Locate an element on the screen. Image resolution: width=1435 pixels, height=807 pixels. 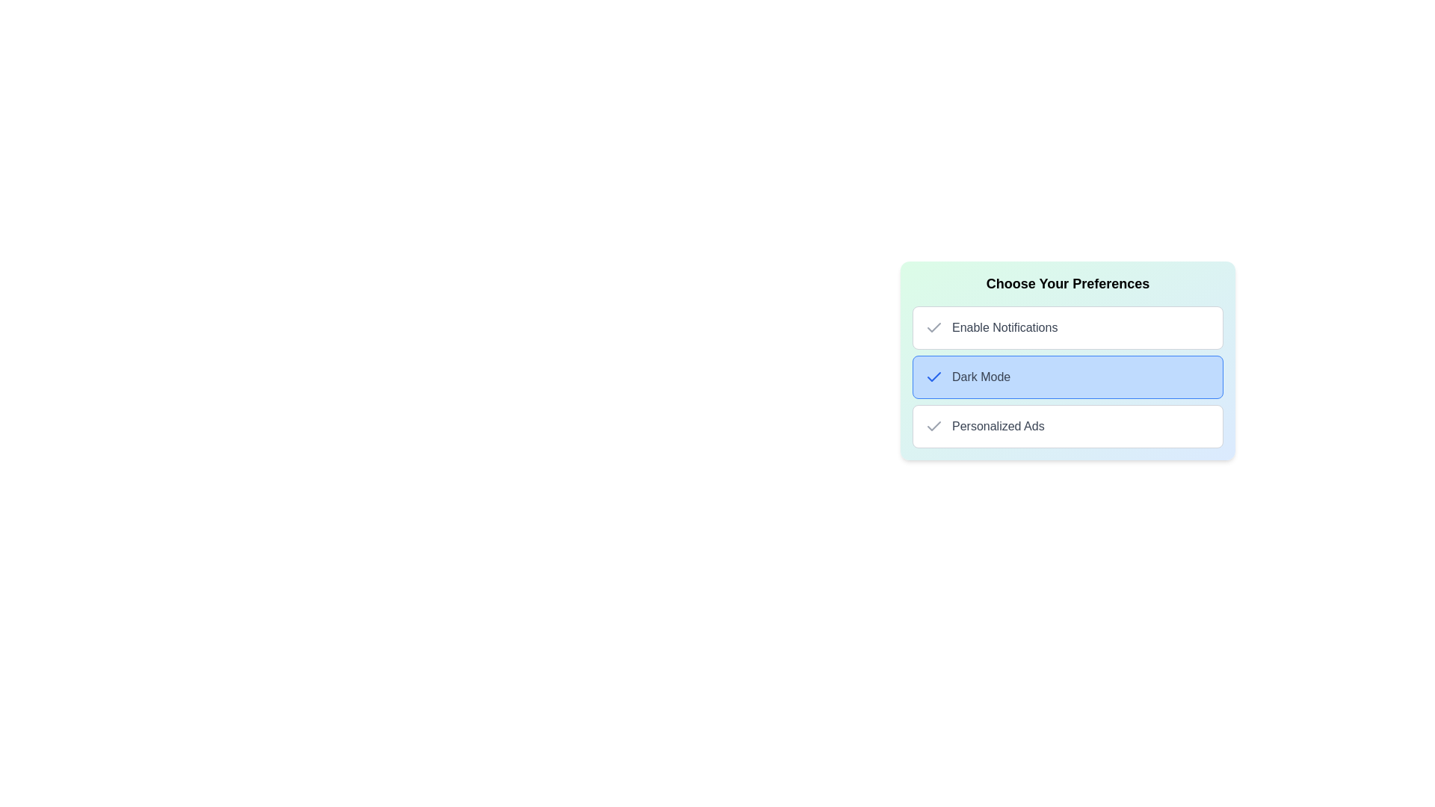
the 'Personalized Ads' checkbox option, which has a white background, rounded corners, and a gray border is located at coordinates (1067, 426).